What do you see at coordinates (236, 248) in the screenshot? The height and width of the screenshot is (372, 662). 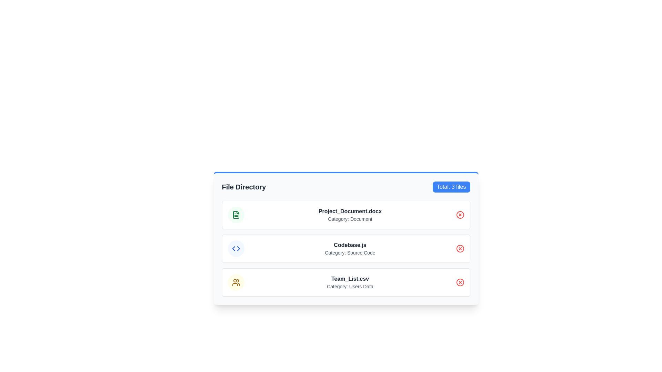 I see `the icon representing the 'Codebase.js' file, which is located in a blue, rounded, semi-transparent circle in the second row of the file entries list` at bounding box center [236, 248].